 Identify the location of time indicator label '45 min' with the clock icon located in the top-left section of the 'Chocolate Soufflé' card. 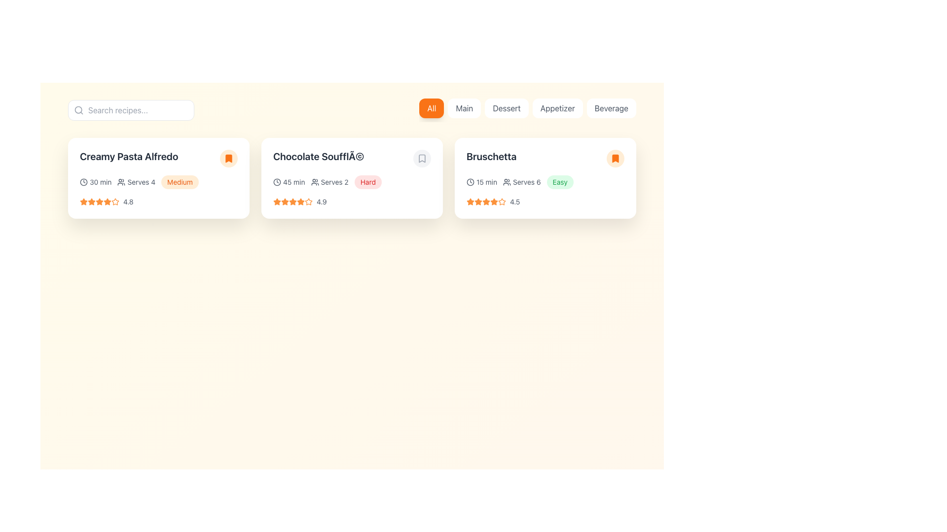
(289, 182).